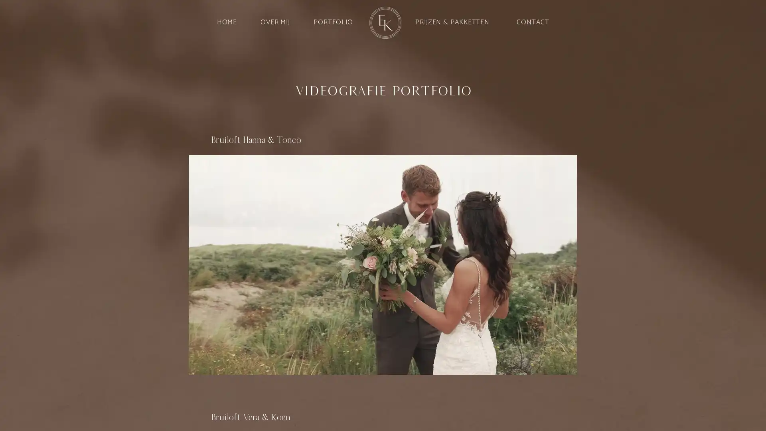 The image size is (766, 431). What do you see at coordinates (382, 265) in the screenshot?
I see `Play video` at bounding box center [382, 265].